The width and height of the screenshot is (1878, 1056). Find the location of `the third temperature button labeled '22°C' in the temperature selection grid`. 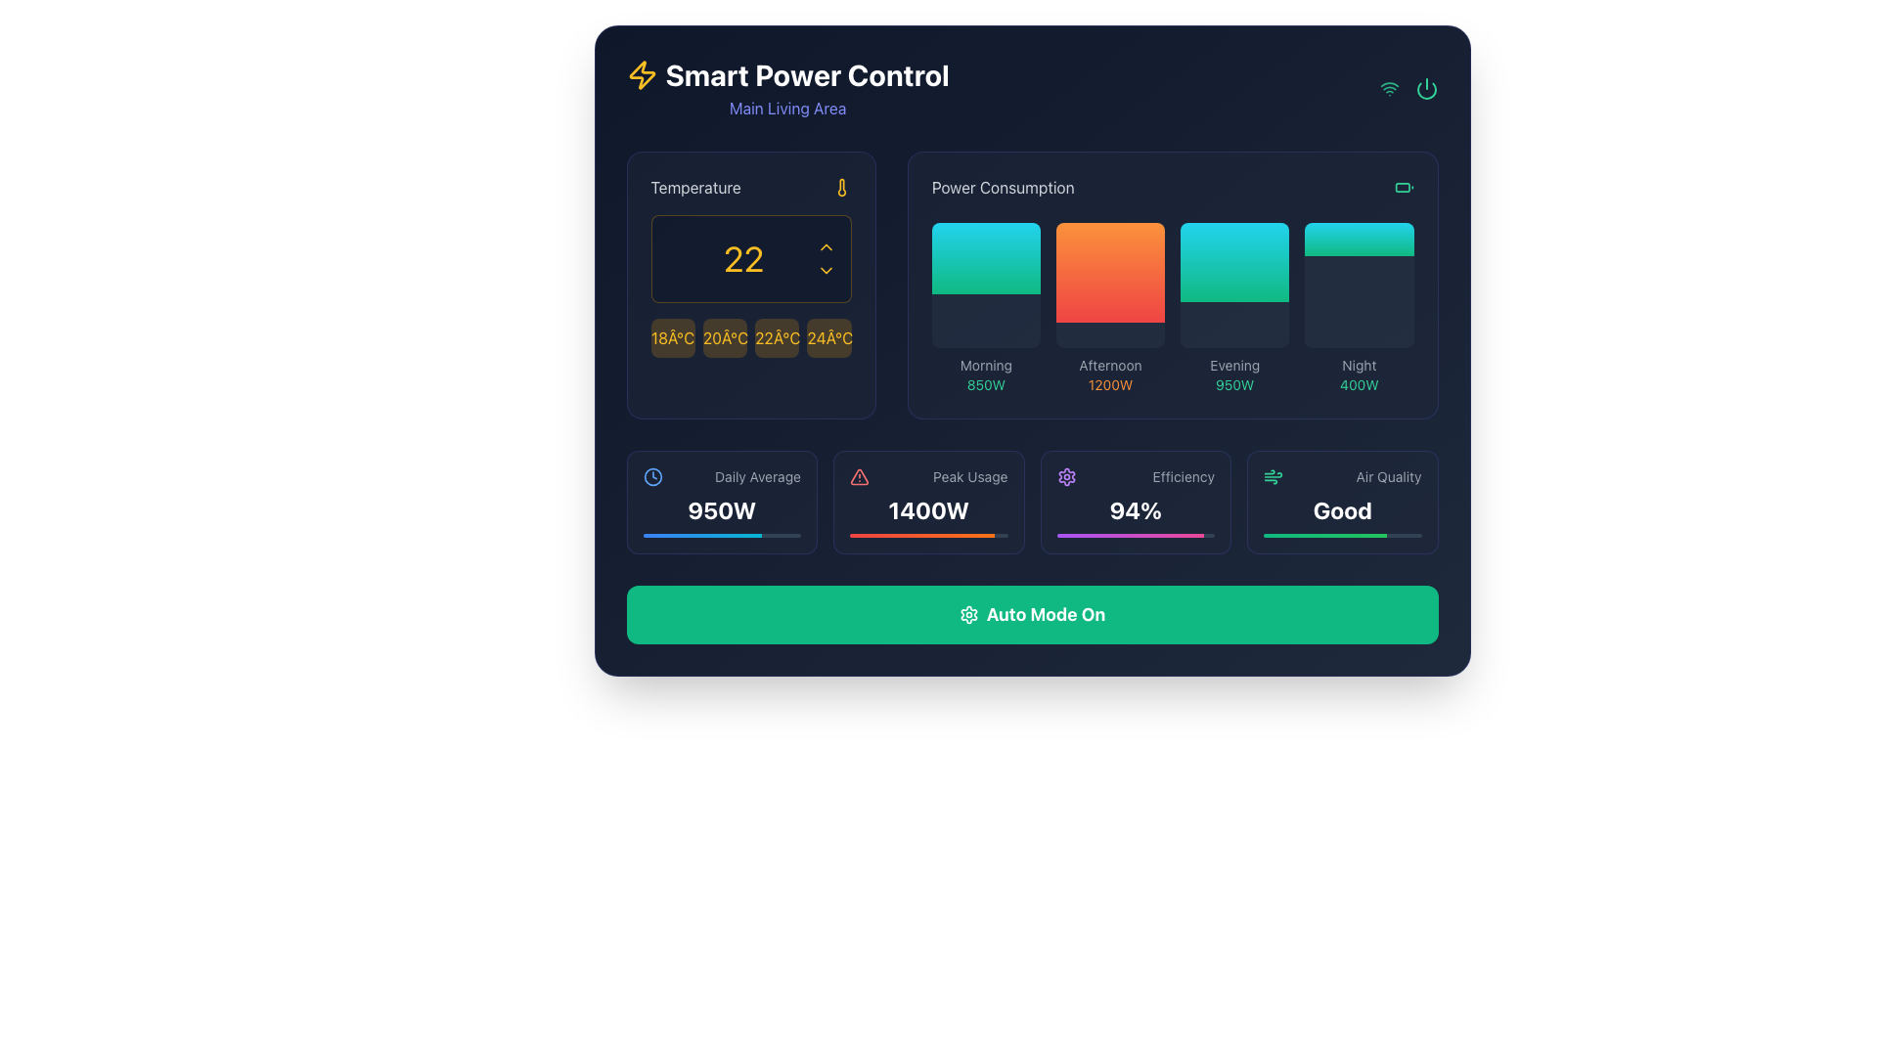

the third temperature button labeled '22°C' in the temperature selection grid is located at coordinates (750, 337).